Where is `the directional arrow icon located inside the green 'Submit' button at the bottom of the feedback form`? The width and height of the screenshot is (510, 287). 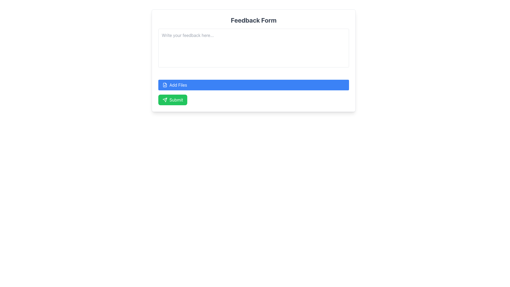
the directional arrow icon located inside the green 'Submit' button at the bottom of the feedback form is located at coordinates (164, 100).